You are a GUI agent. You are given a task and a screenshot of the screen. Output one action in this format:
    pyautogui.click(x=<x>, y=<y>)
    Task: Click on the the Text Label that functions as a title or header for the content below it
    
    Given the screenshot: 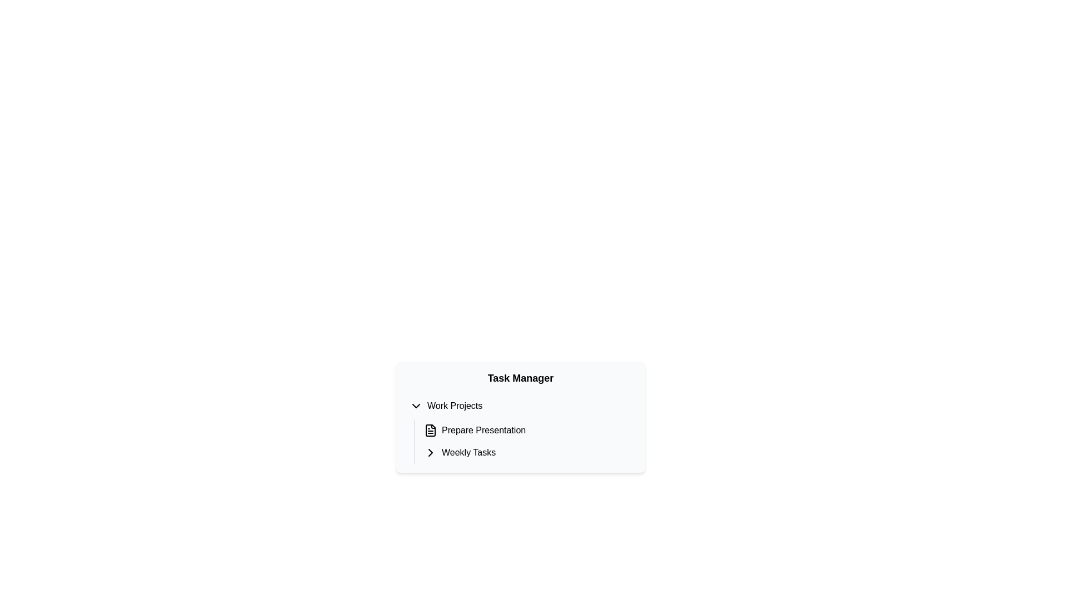 What is the action you would take?
    pyautogui.click(x=520, y=378)
    